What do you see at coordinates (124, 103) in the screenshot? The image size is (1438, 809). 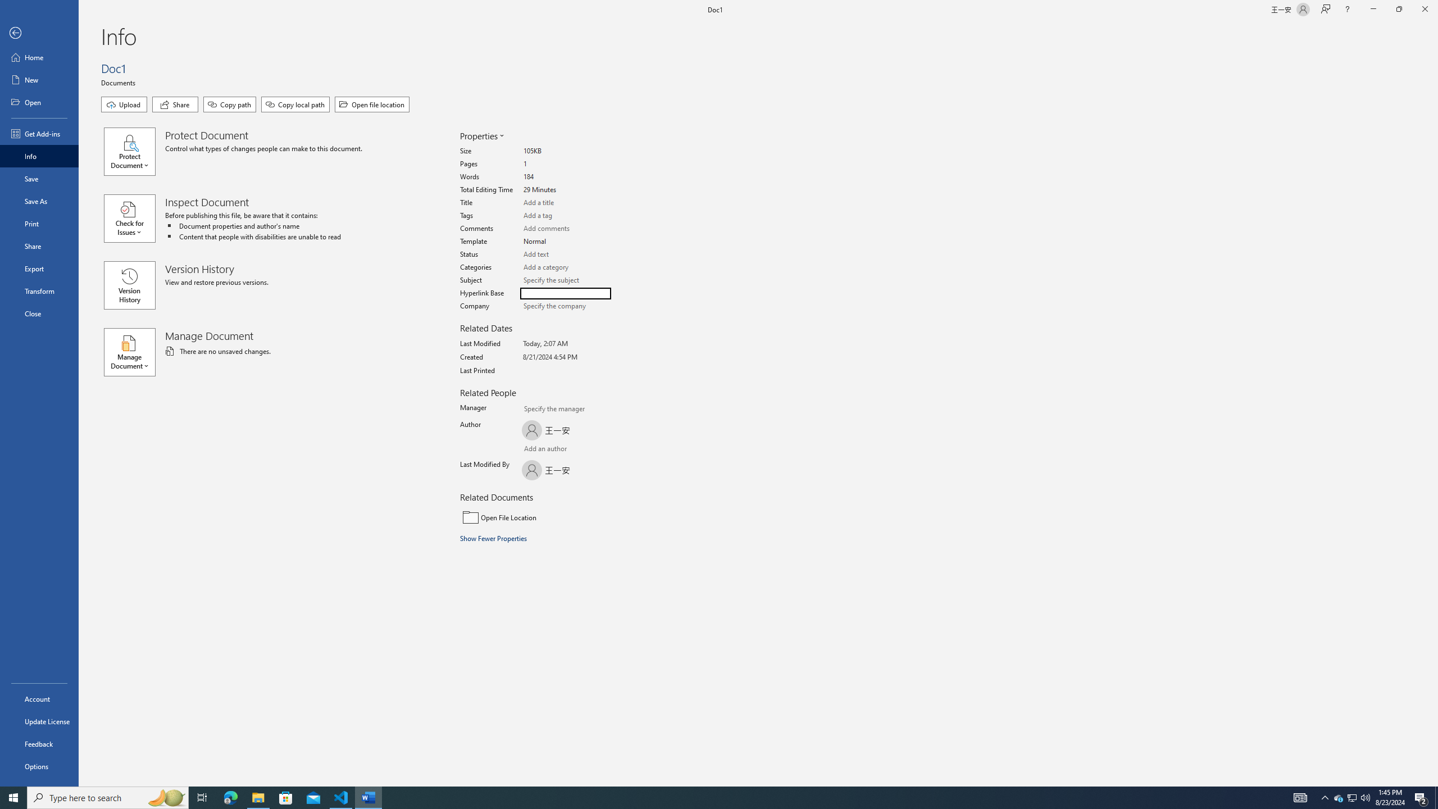 I see `'Upload'` at bounding box center [124, 103].